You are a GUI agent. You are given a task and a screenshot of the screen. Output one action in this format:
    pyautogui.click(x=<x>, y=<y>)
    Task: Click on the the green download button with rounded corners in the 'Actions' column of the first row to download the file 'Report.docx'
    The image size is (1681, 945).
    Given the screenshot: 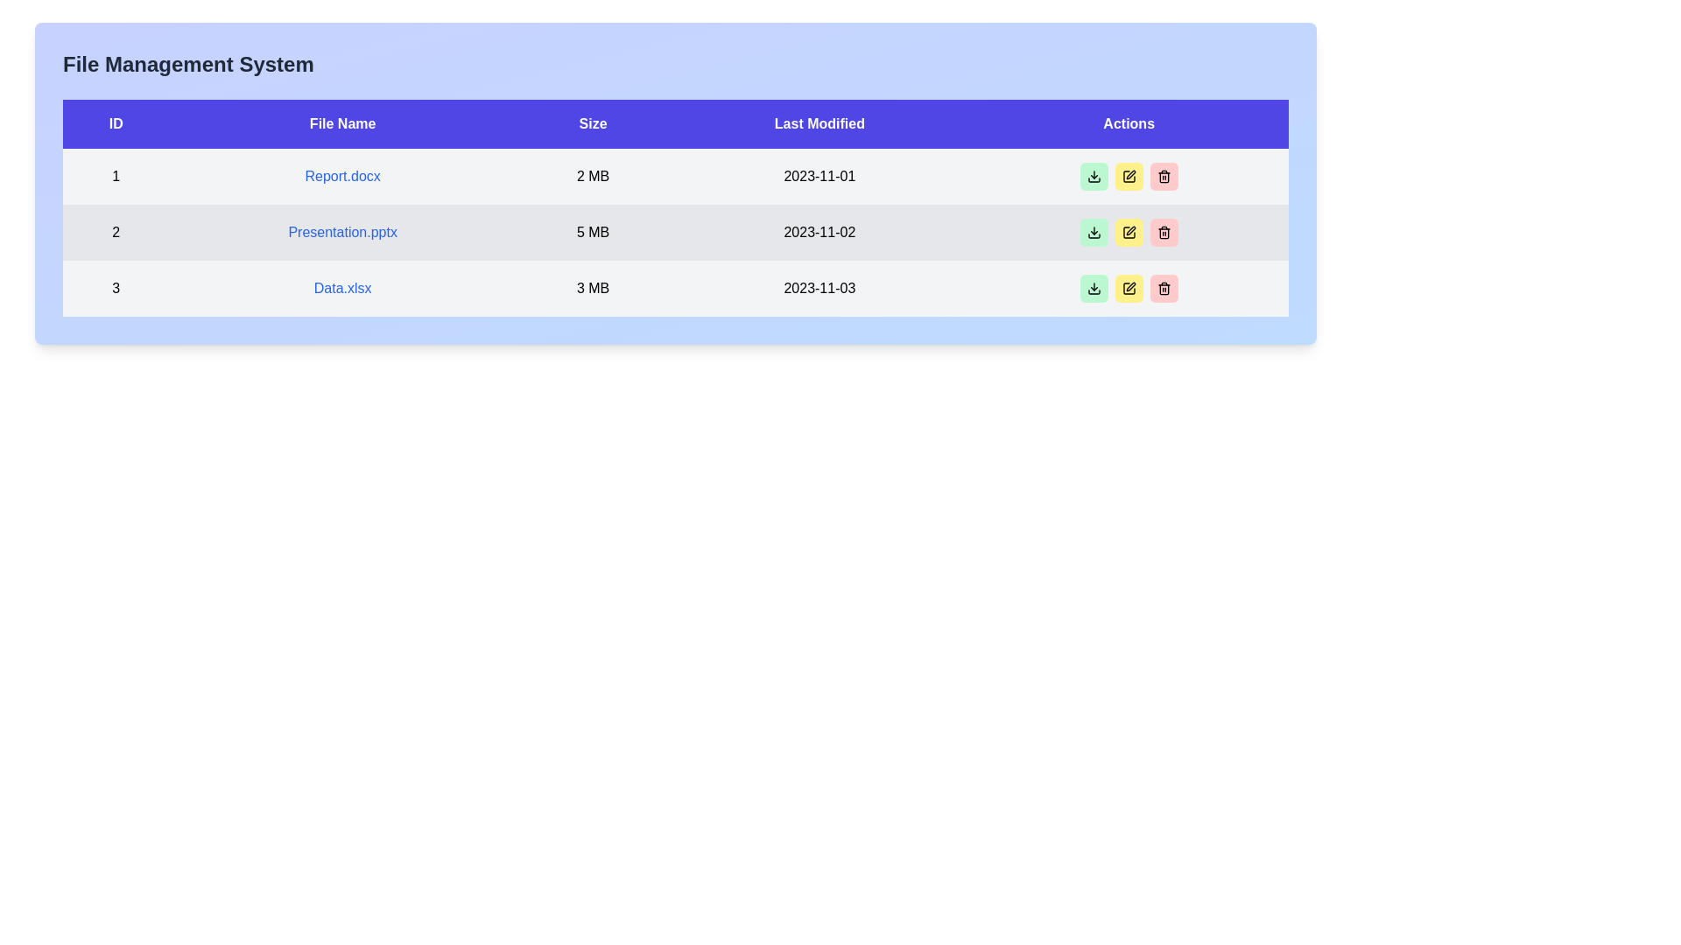 What is the action you would take?
    pyautogui.click(x=1093, y=176)
    